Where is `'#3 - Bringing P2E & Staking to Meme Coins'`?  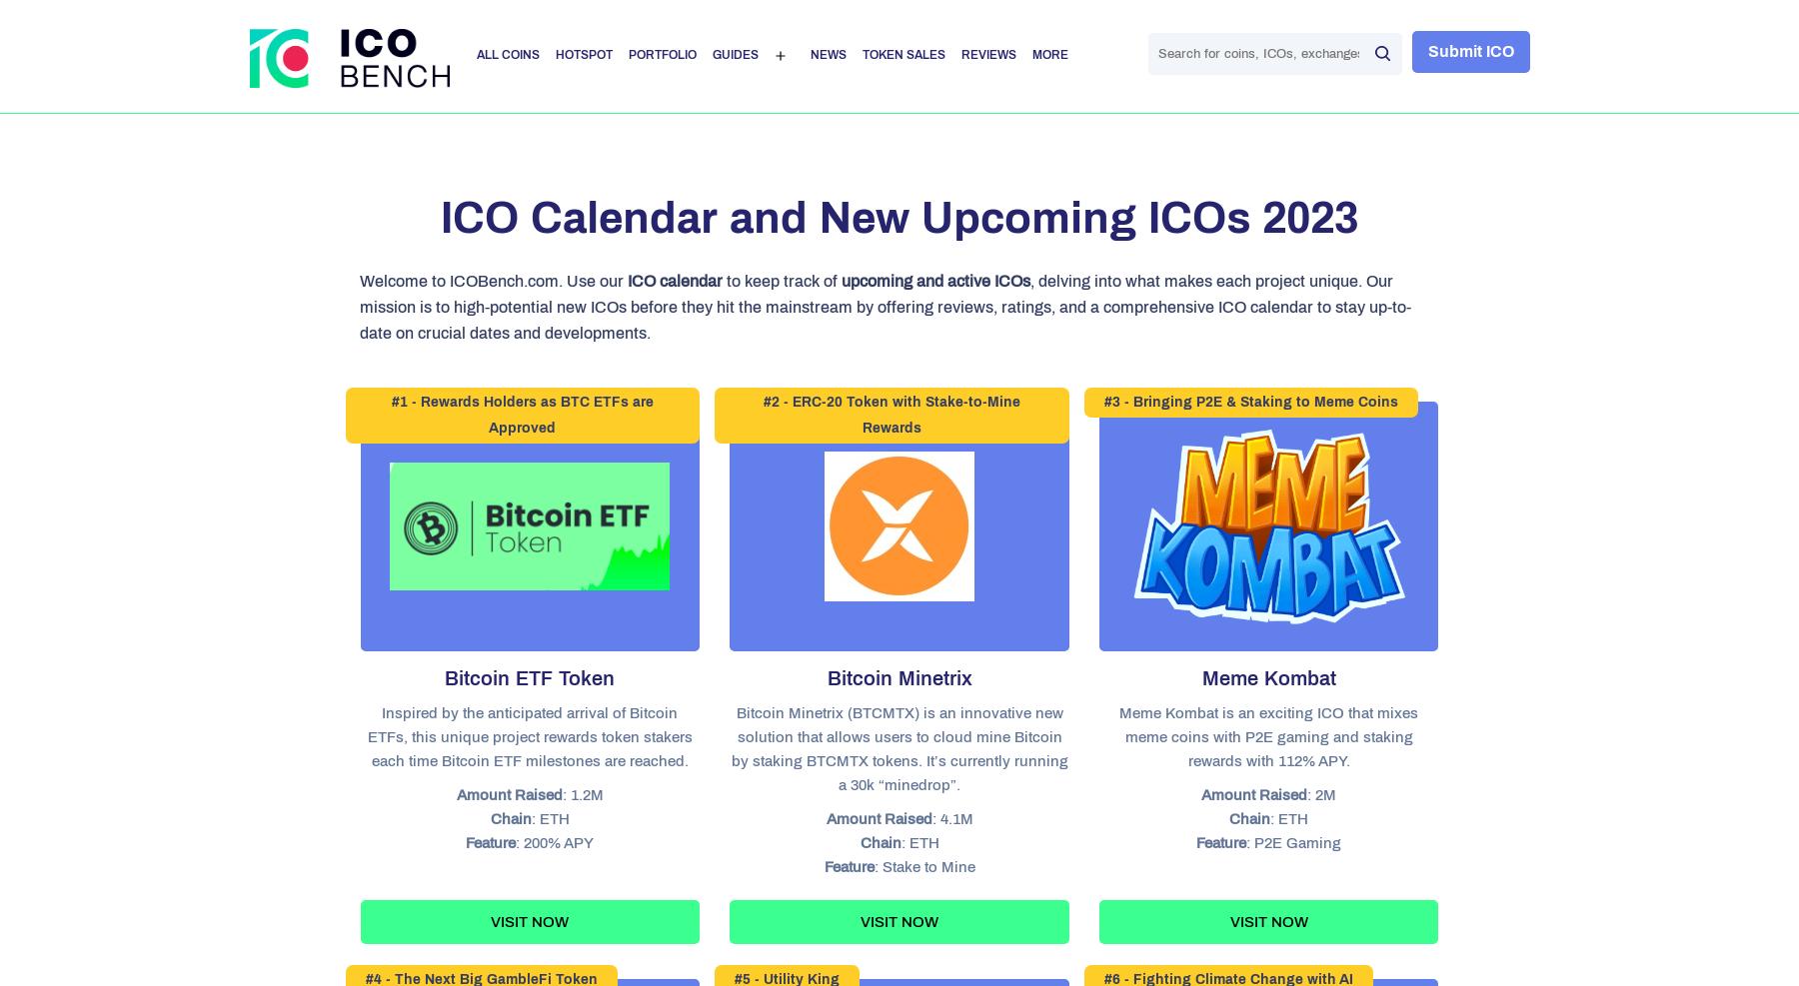 '#3 - Bringing P2E & Staking to Meme Coins' is located at coordinates (1102, 402).